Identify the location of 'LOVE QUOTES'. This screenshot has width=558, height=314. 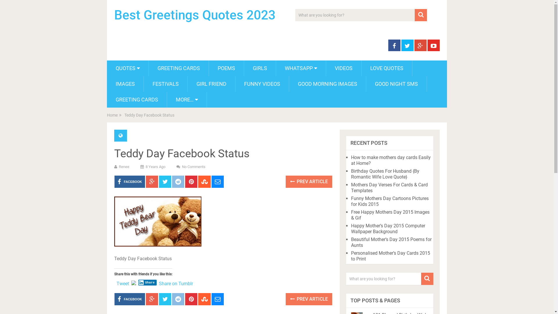
(387, 68).